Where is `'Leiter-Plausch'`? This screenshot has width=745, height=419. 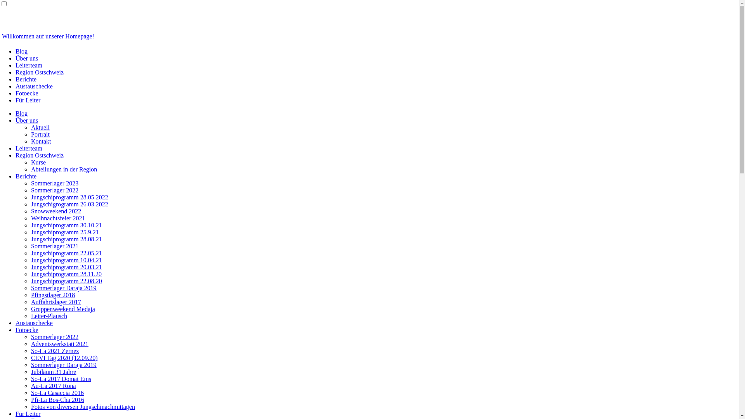
'Leiter-Plausch' is located at coordinates (49, 316).